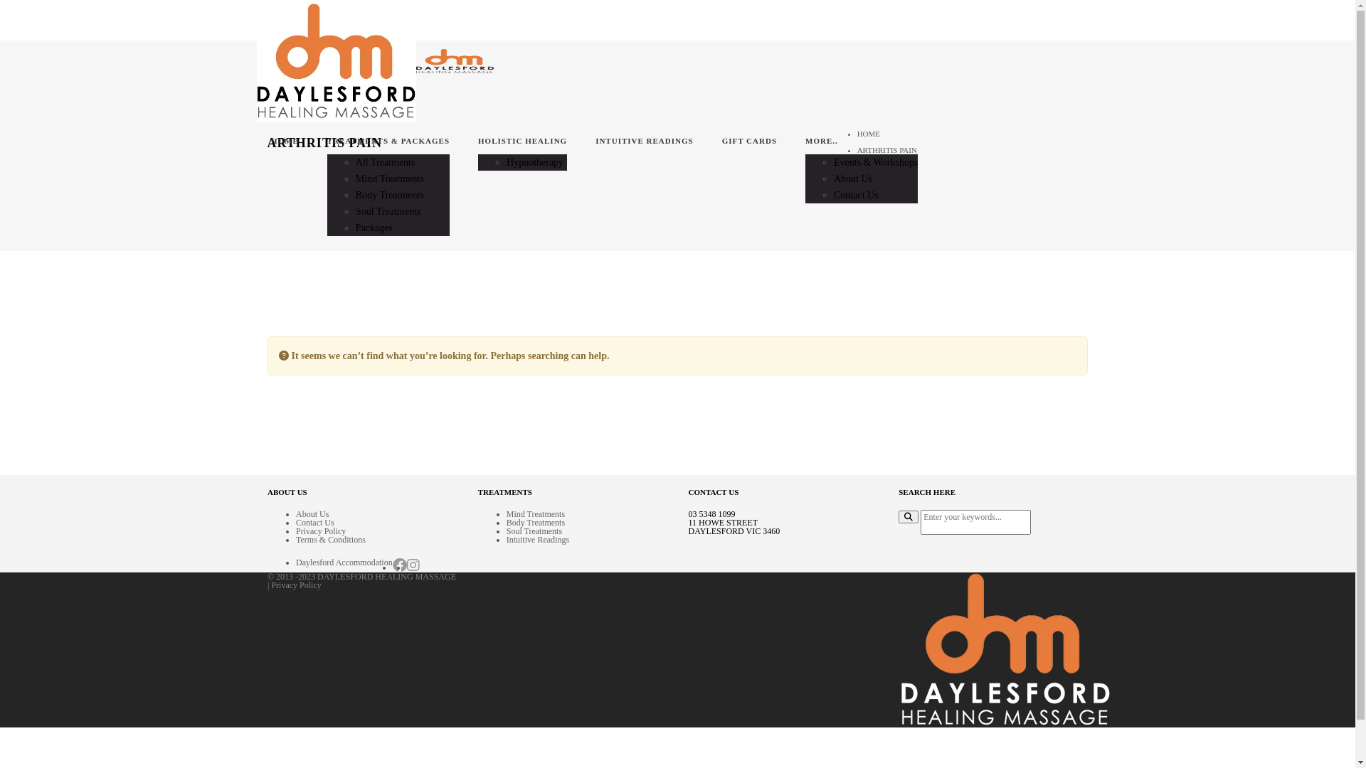 The image size is (1366, 768). I want to click on 'Privacy Policy', so click(295, 585).